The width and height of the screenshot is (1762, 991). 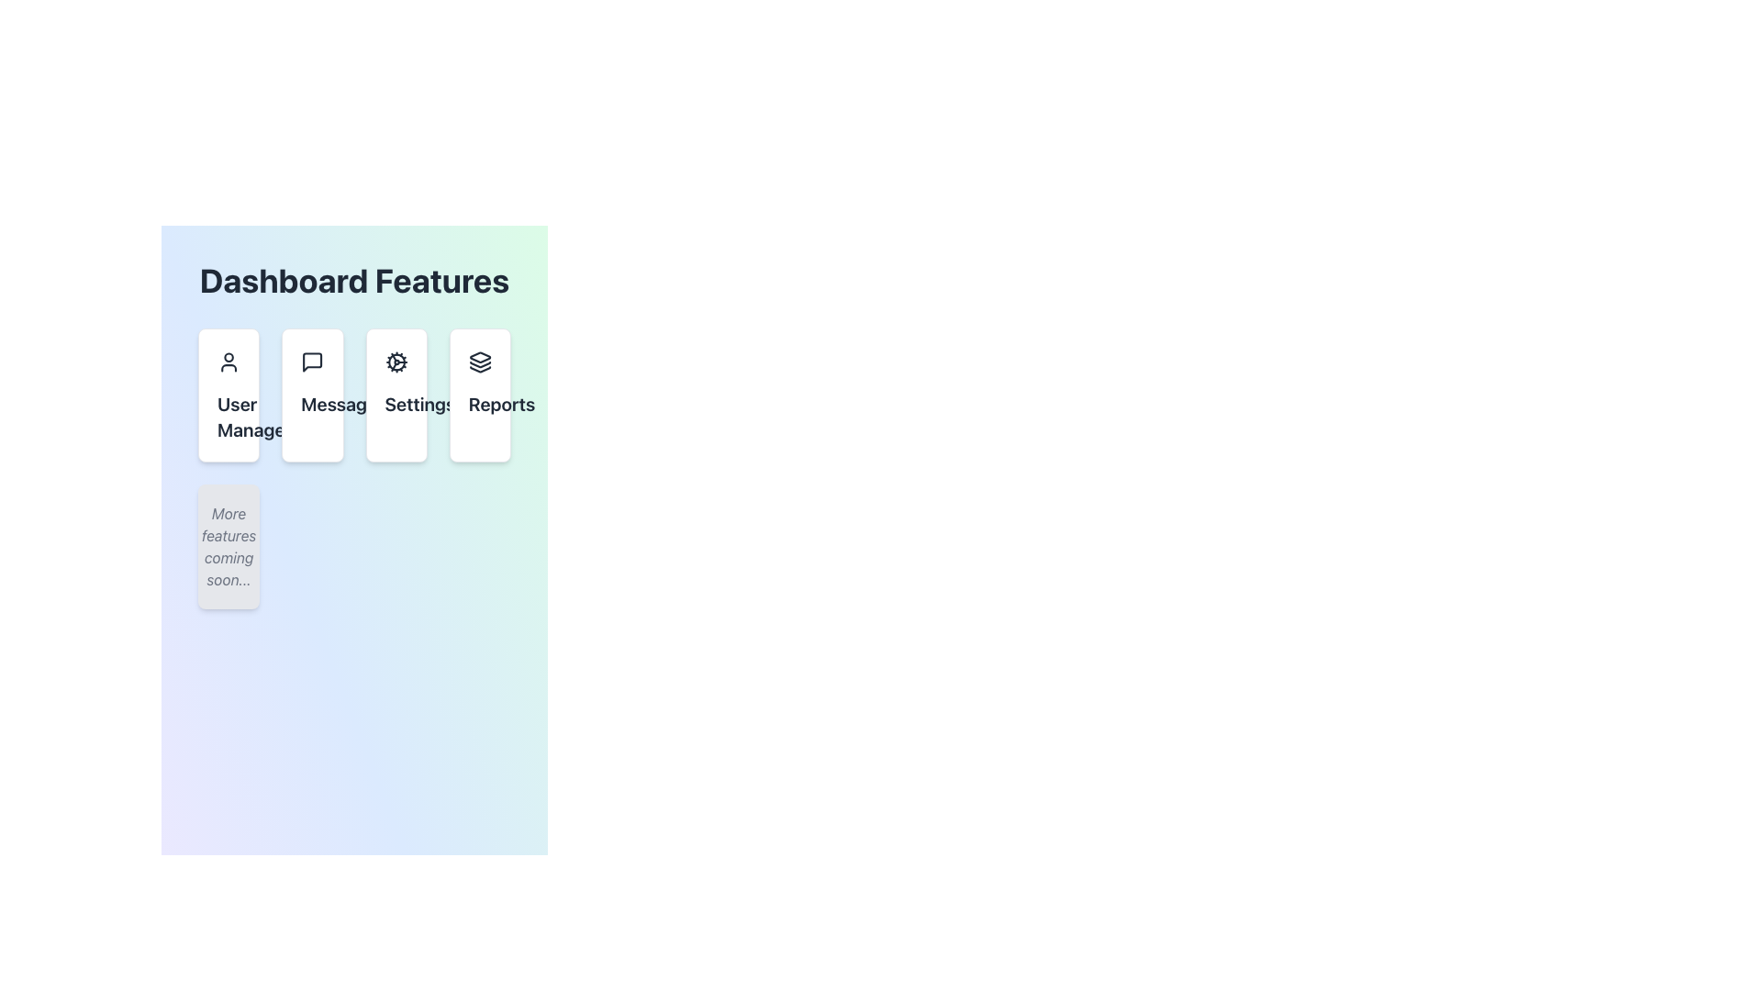 What do you see at coordinates (480, 362) in the screenshot?
I see `the layers icon in the 'Reports' tile on the 'Dashboard Features' interface` at bounding box center [480, 362].